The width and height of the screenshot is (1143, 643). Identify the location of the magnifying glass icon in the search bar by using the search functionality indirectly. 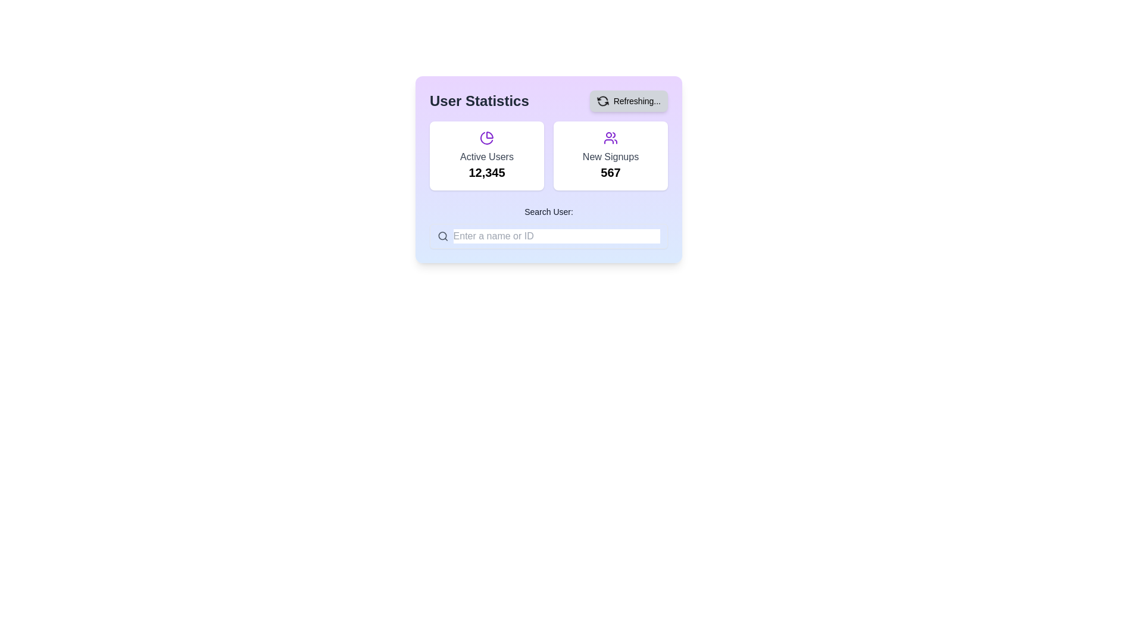
(442, 236).